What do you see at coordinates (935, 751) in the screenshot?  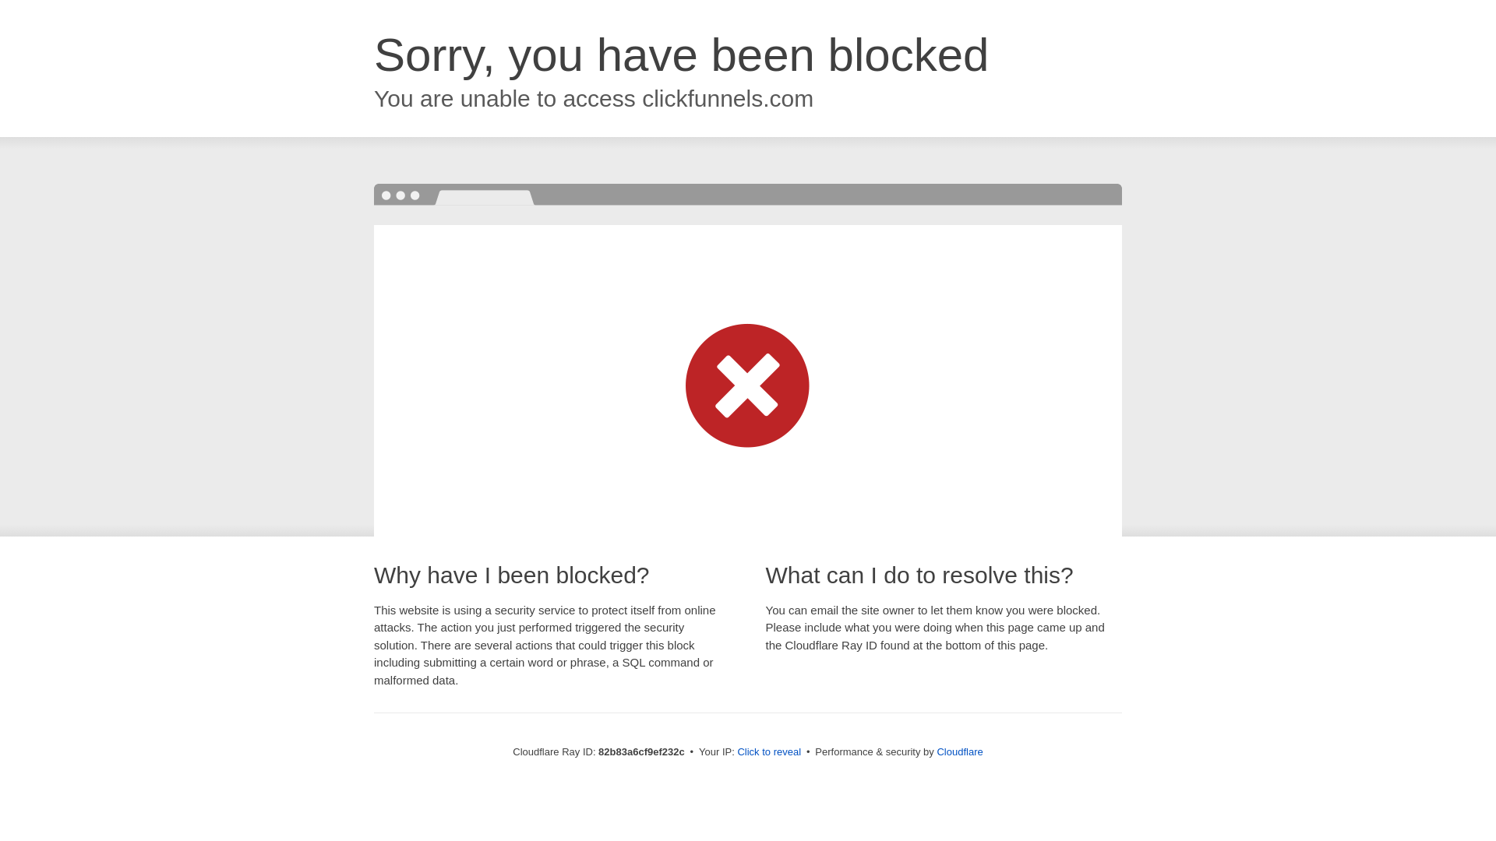 I see `'Cloudflare'` at bounding box center [935, 751].